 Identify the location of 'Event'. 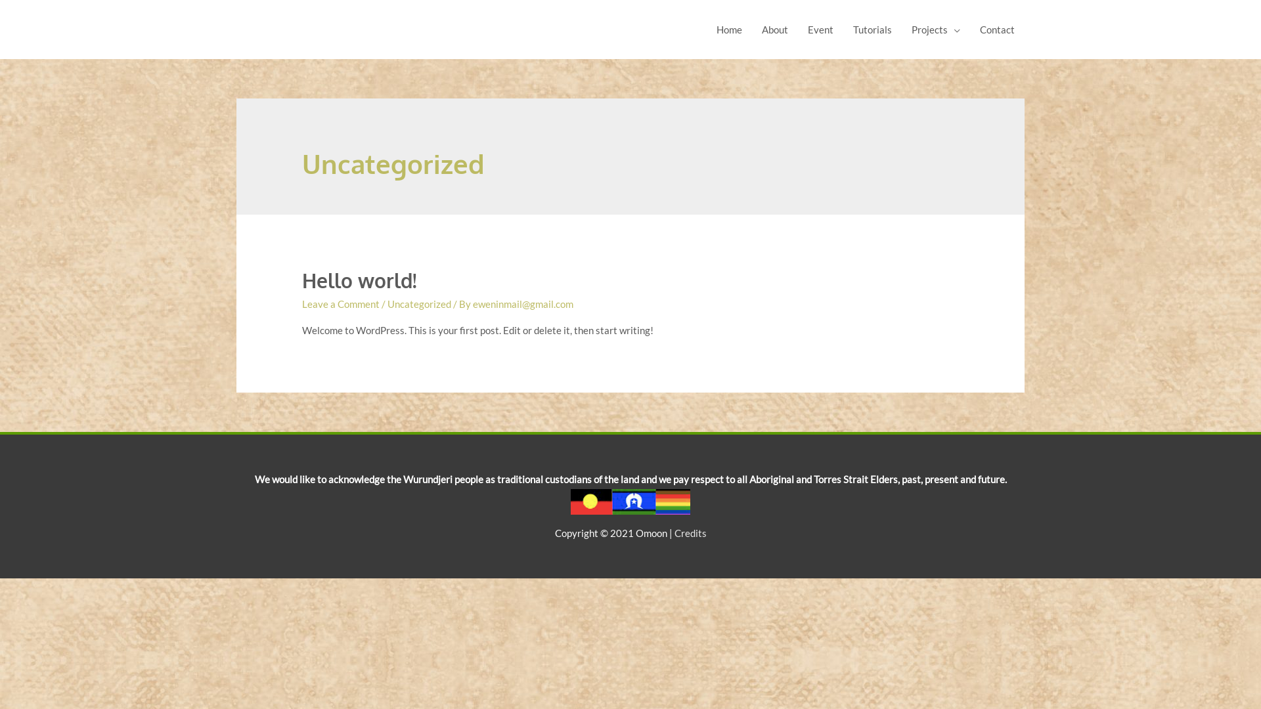
(820, 30).